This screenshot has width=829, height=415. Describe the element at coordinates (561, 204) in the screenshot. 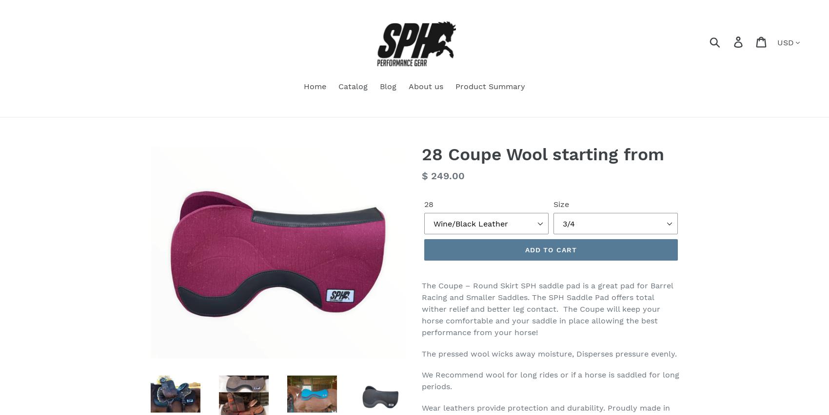

I see `'Size'` at that location.